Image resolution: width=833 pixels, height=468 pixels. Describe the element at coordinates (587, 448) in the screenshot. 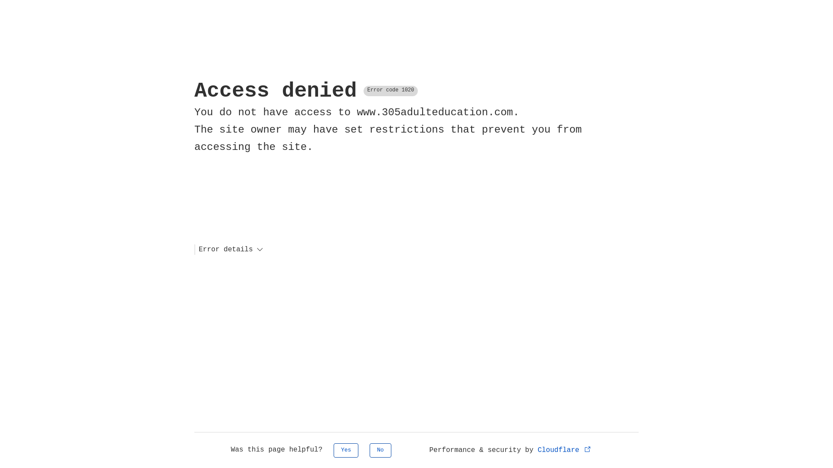

I see `'Opens in new tab'` at that location.